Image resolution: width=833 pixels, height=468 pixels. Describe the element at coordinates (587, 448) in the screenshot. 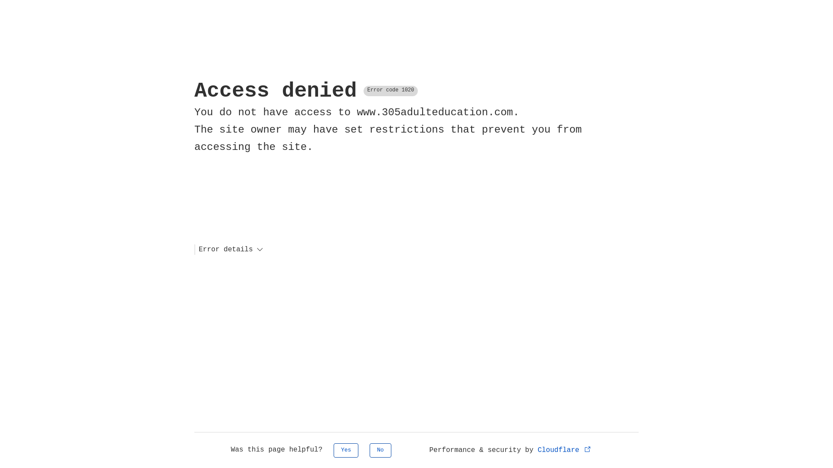

I see `'Opens in new tab'` at that location.